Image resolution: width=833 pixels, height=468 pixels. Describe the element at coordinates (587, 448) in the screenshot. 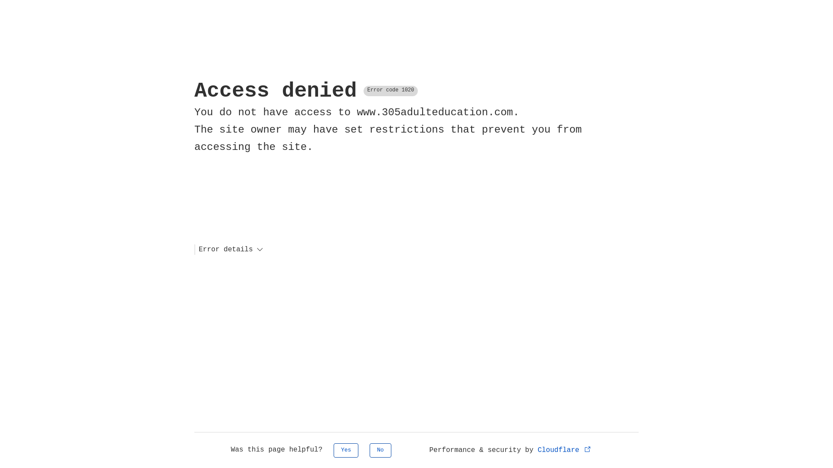

I see `'Opens in new tab'` at that location.